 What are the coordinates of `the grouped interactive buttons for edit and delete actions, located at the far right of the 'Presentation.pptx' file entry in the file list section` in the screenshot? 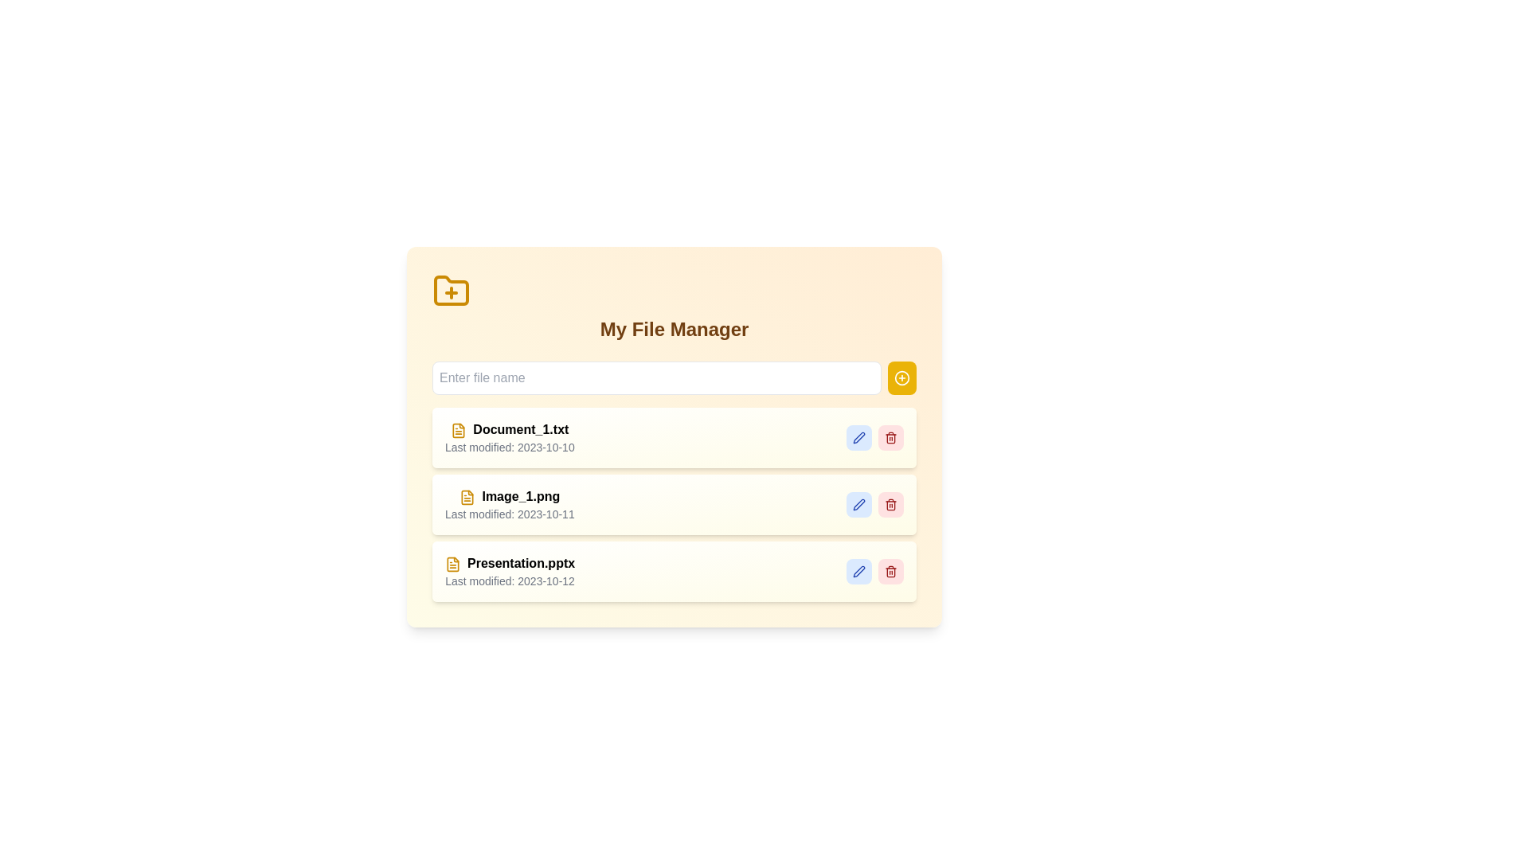 It's located at (874, 570).